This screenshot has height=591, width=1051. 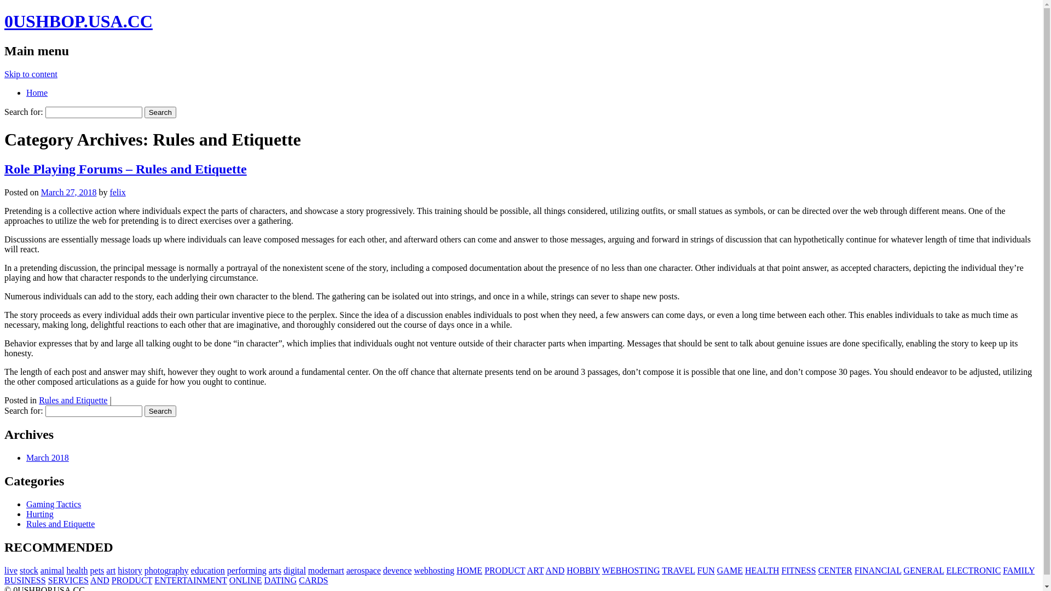 I want to click on 'r', so click(x=274, y=570).